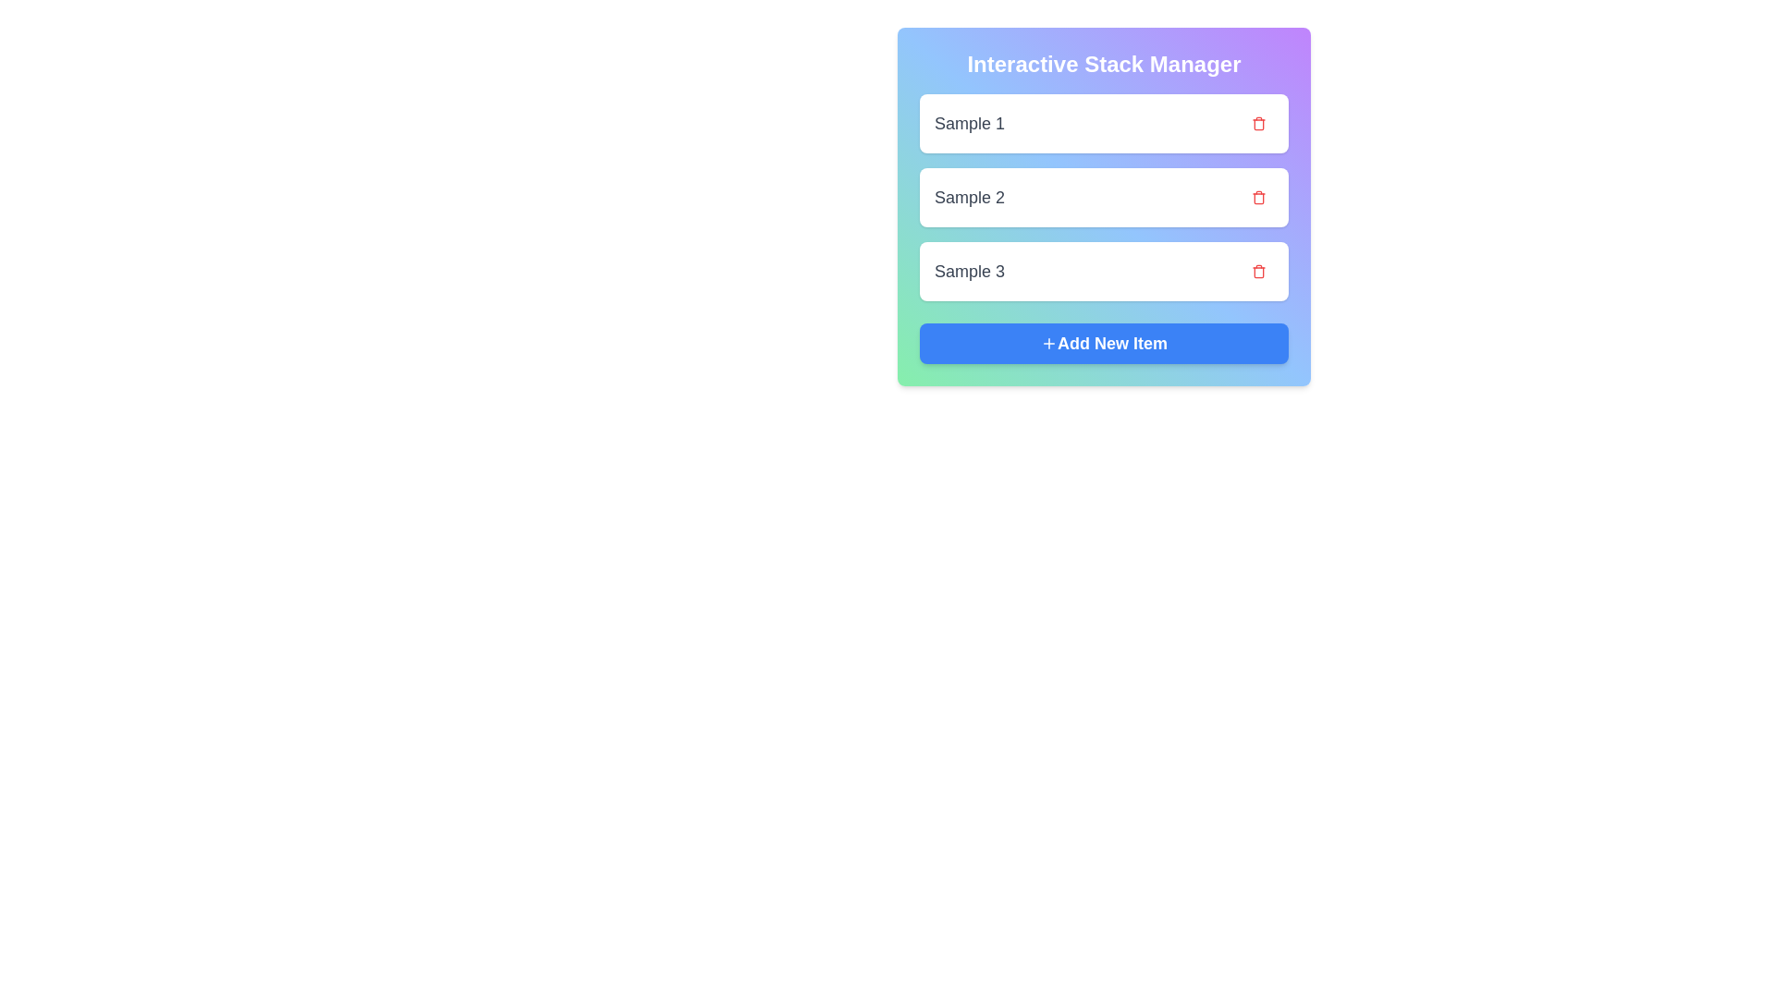 The height and width of the screenshot is (998, 1775). I want to click on the delete button located at the upper-right corner of the panel associated with 'Sample 1', so click(1258, 124).